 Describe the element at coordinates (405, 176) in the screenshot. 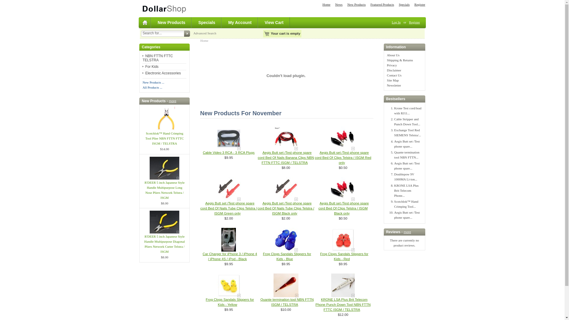

I see `'Doublepow 9V 1000MA Li-ion...'` at that location.